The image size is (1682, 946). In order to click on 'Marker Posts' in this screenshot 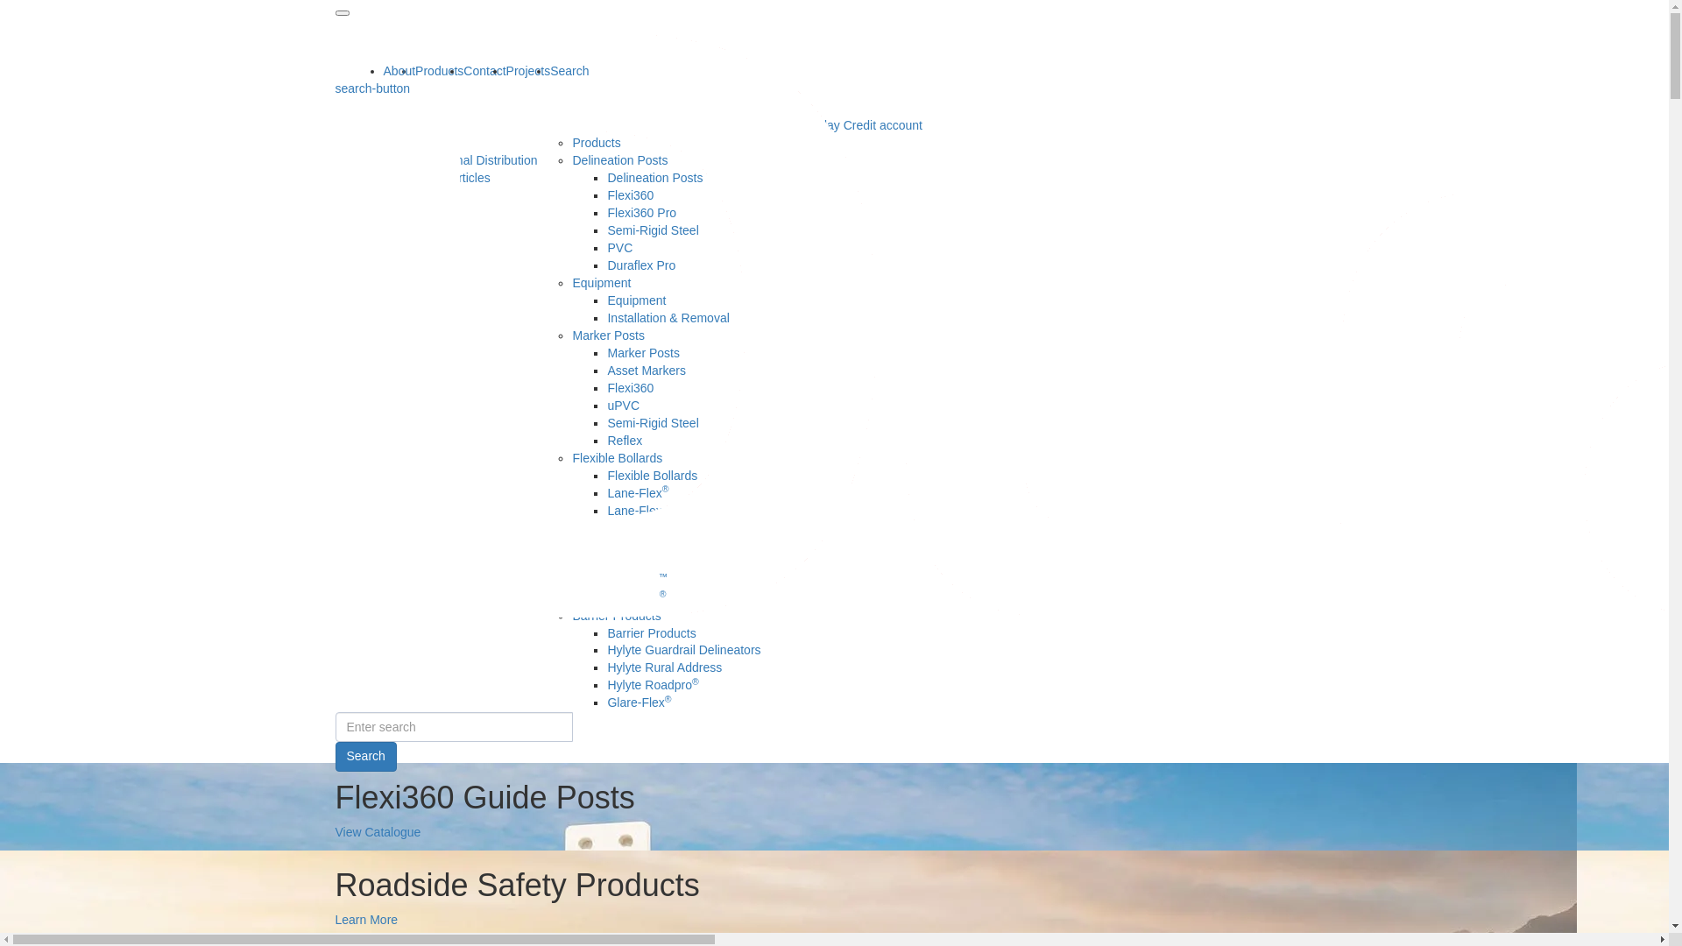, I will do `click(642, 352)`.